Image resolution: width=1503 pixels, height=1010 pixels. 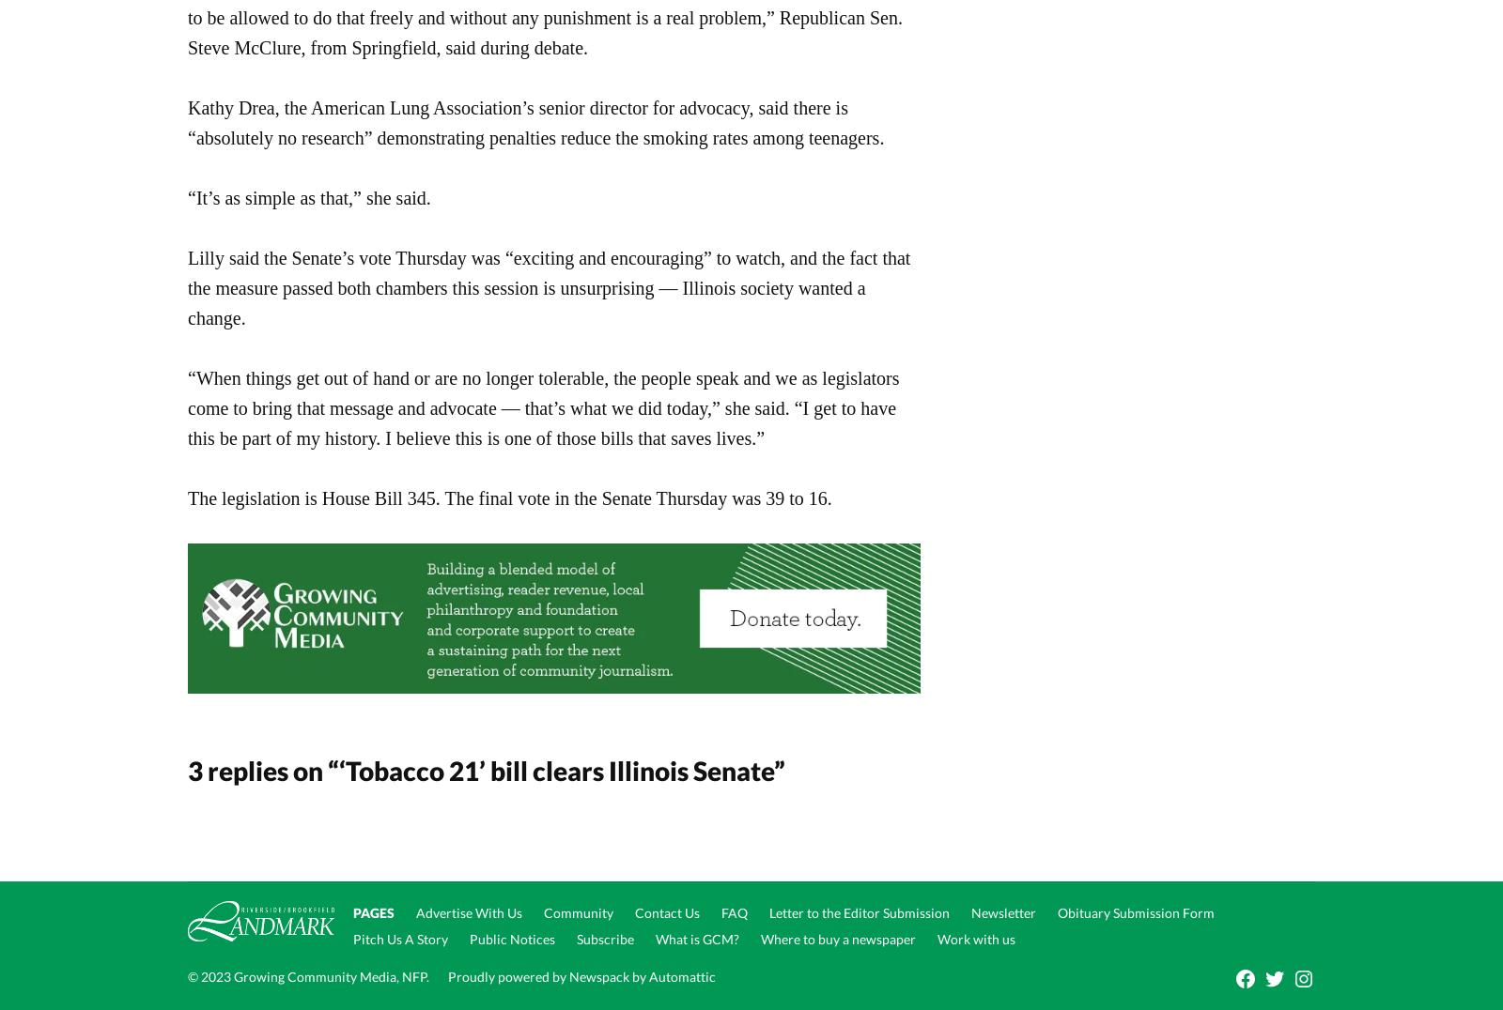 What do you see at coordinates (604, 937) in the screenshot?
I see `'Subscribe'` at bounding box center [604, 937].